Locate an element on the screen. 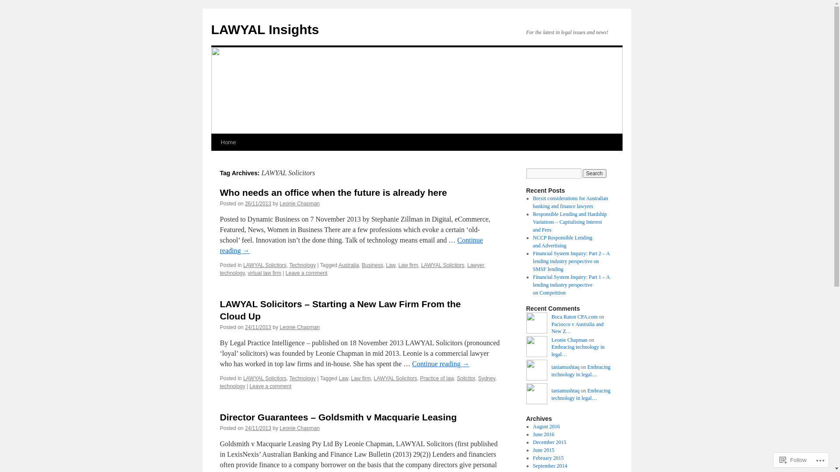 This screenshot has height=472, width=840. 'Sydney' is located at coordinates (486, 378).